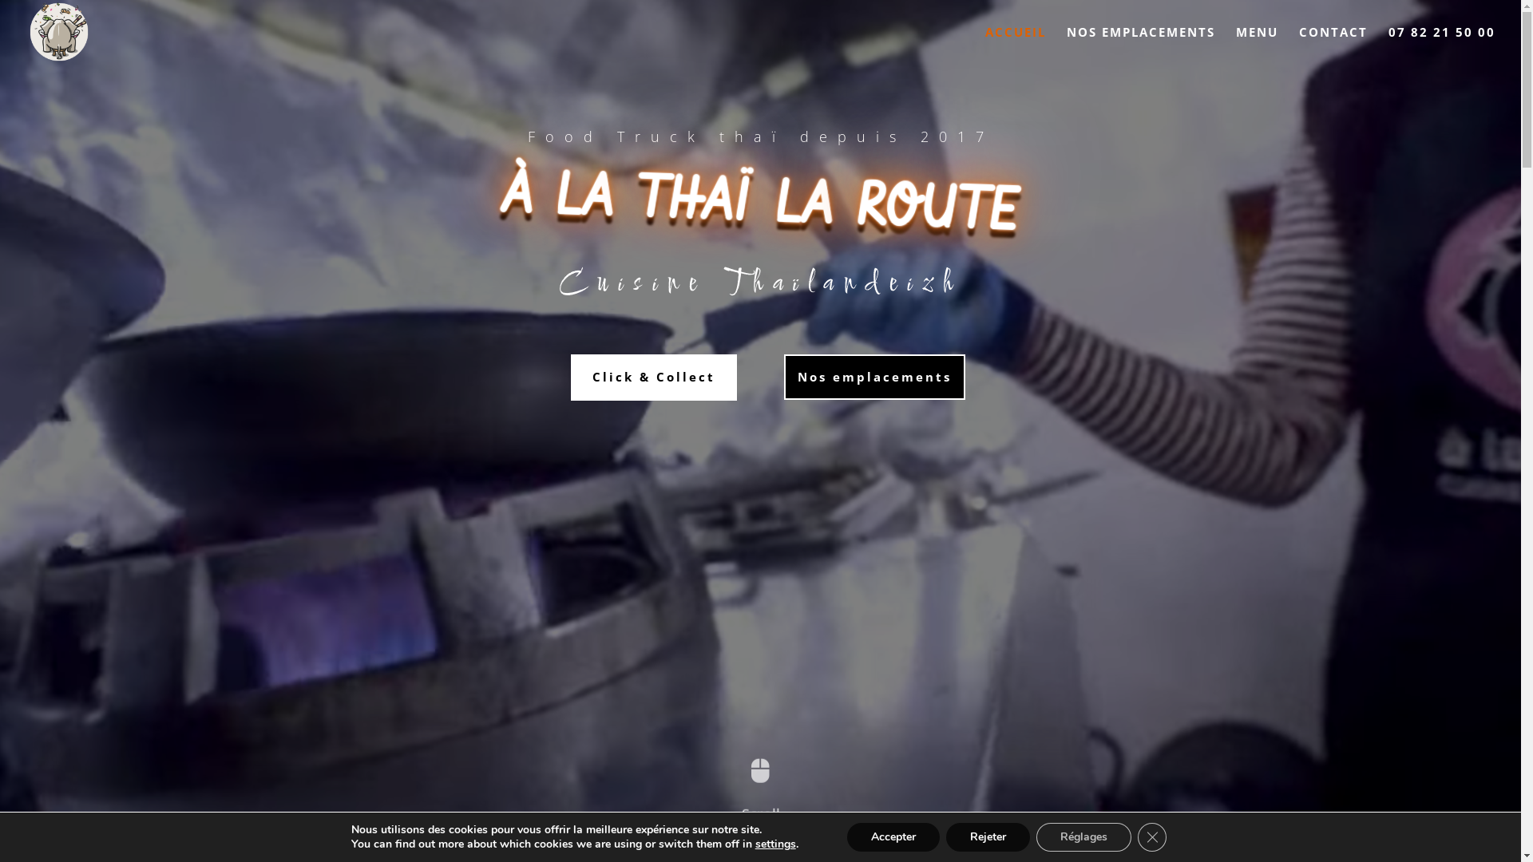  I want to click on 'Nos emplacements', so click(873, 378).